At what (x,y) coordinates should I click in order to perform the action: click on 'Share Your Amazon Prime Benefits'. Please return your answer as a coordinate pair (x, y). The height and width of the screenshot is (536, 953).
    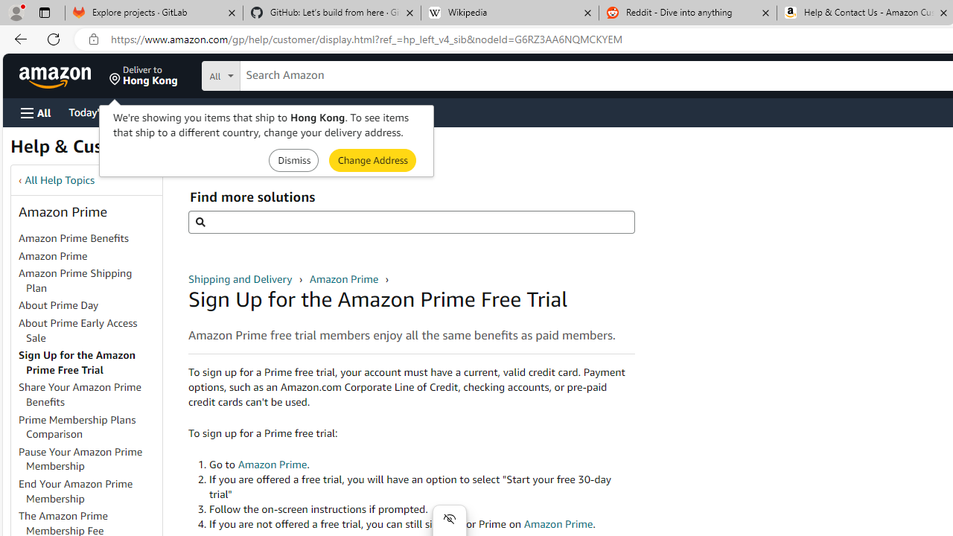
    Looking at the image, I should click on (89, 395).